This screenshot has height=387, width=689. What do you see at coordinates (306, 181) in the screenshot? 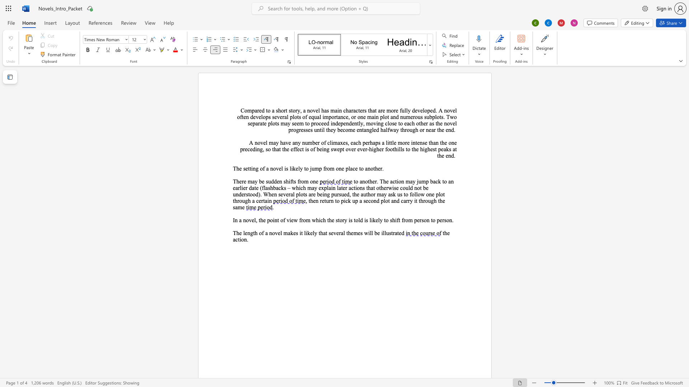
I see `the 2th character "m" in the text` at bounding box center [306, 181].